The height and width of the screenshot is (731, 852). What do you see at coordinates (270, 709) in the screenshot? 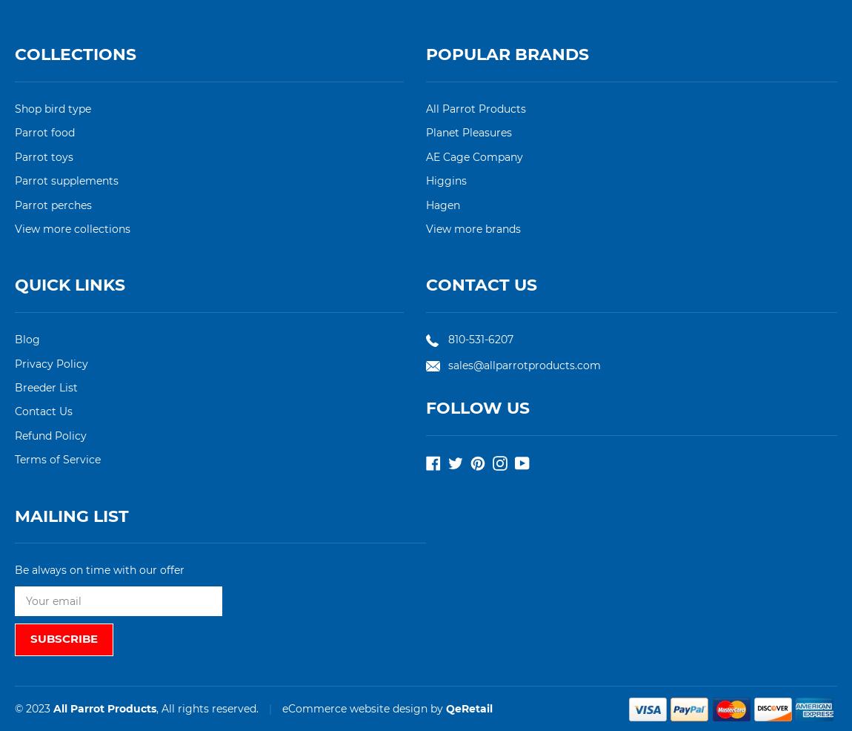
I see `'|'` at bounding box center [270, 709].